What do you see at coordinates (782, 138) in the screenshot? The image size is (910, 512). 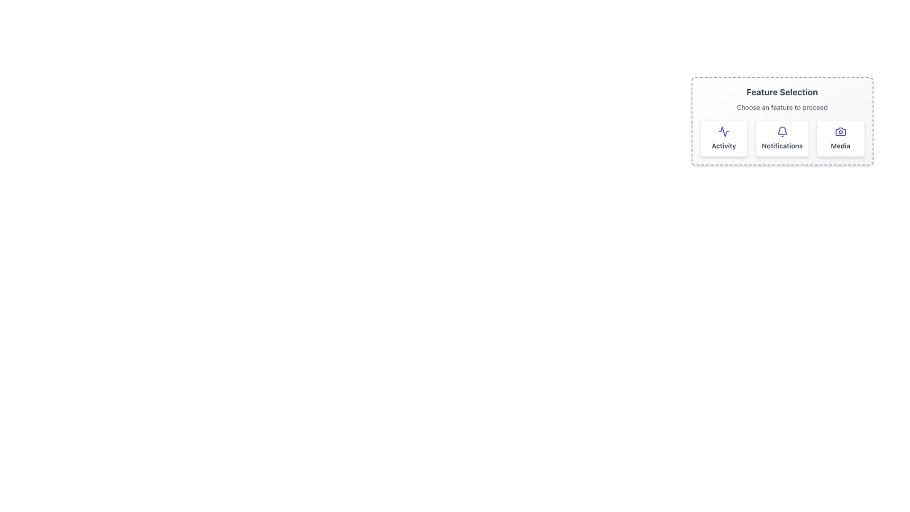 I see `the 'Notifications' button card that is positioned between the 'Activity' card and the 'Media' card in the three-card layout` at bounding box center [782, 138].